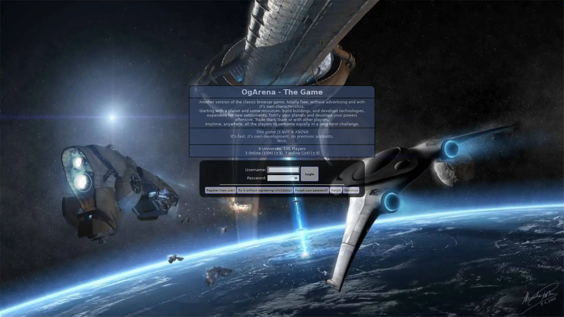 This screenshot has height=317, width=564. Describe the element at coordinates (309, 173) in the screenshot. I see `Login` at that location.